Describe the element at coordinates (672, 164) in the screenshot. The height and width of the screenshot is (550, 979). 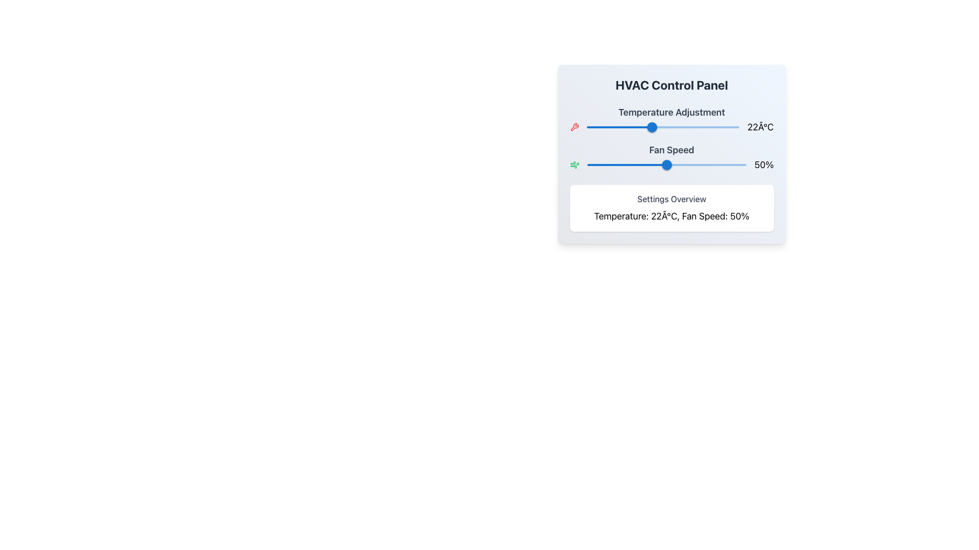
I see `fan speed` at that location.